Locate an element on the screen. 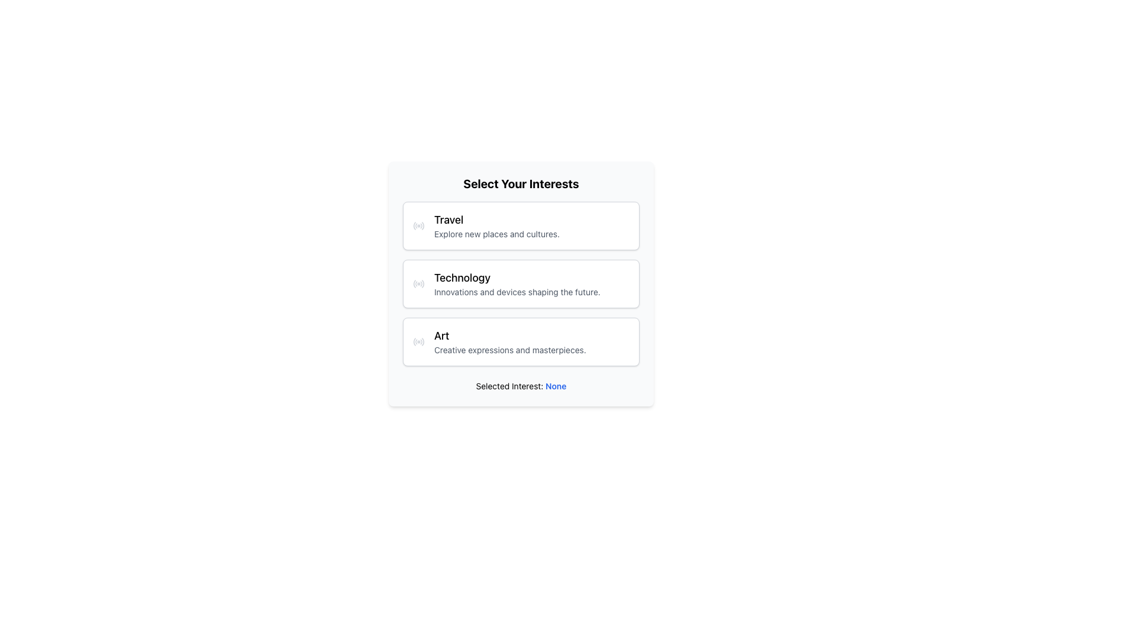  the 'Technology' text block, which is the second selectable option in a vertical list of interests is located at coordinates (521, 283).